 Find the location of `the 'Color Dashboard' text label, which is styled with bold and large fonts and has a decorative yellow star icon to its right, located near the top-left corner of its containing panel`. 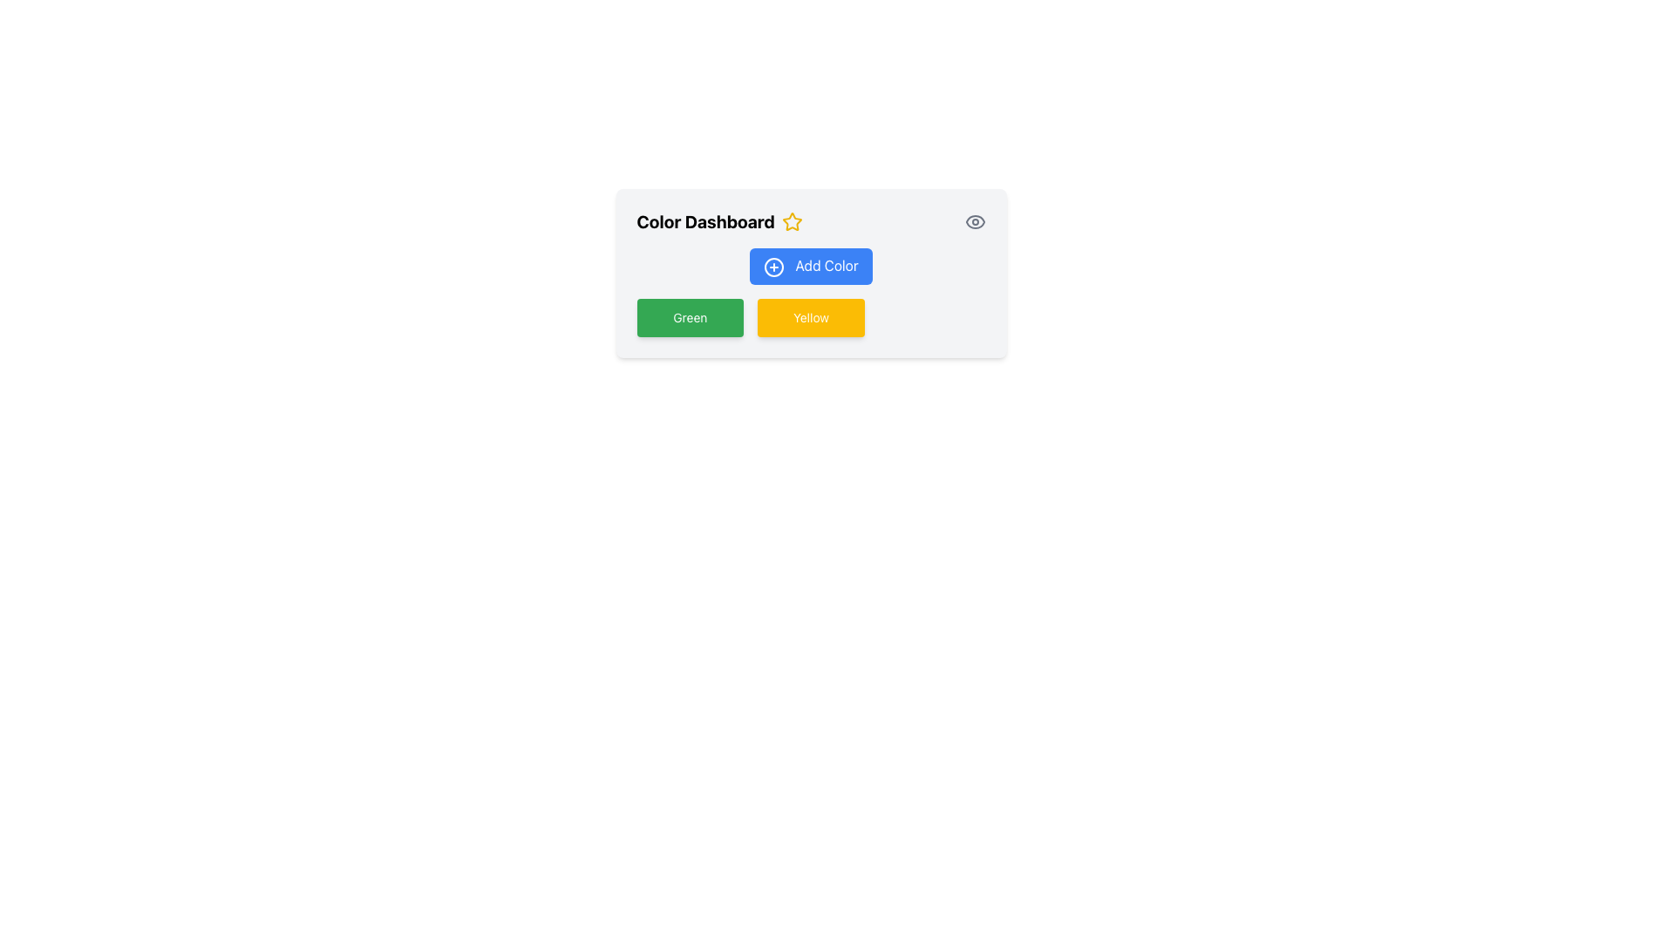

the 'Color Dashboard' text label, which is styled with bold and large fonts and has a decorative yellow star icon to its right, located near the top-left corner of its containing panel is located at coordinates (719, 220).